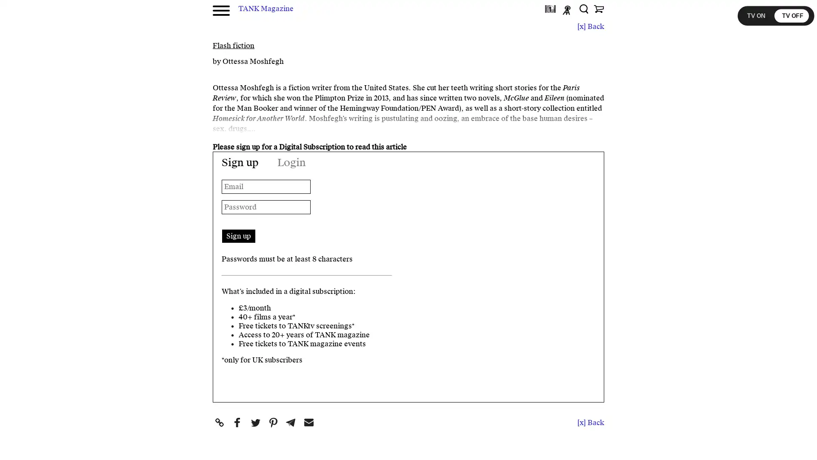 The image size is (817, 460). What do you see at coordinates (257, 422) in the screenshot?
I see `Share to Twitter` at bounding box center [257, 422].